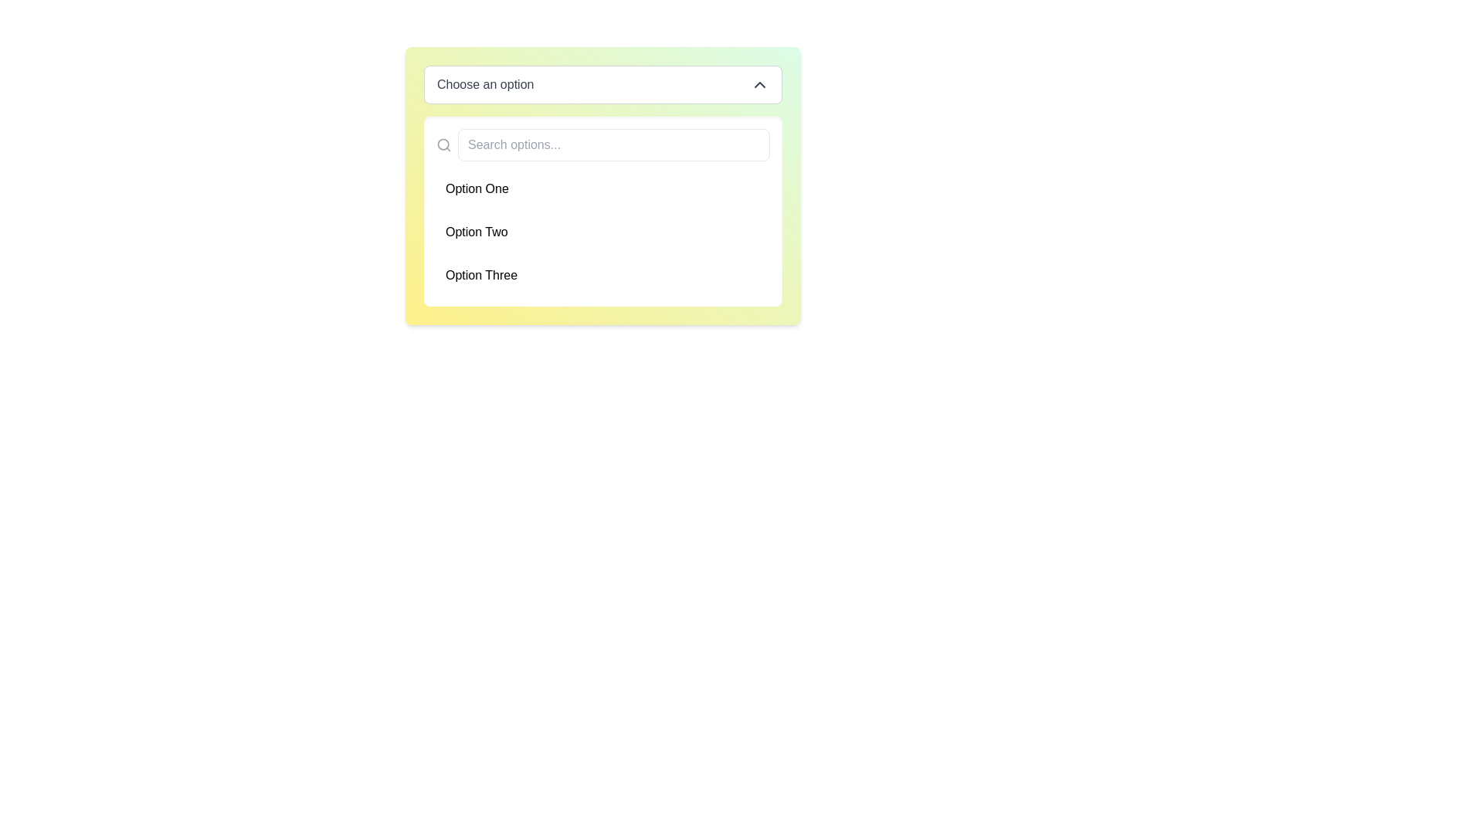 This screenshot has width=1483, height=834. Describe the element at coordinates (602, 85) in the screenshot. I see `the button labeled 'Choose an option'` at that location.